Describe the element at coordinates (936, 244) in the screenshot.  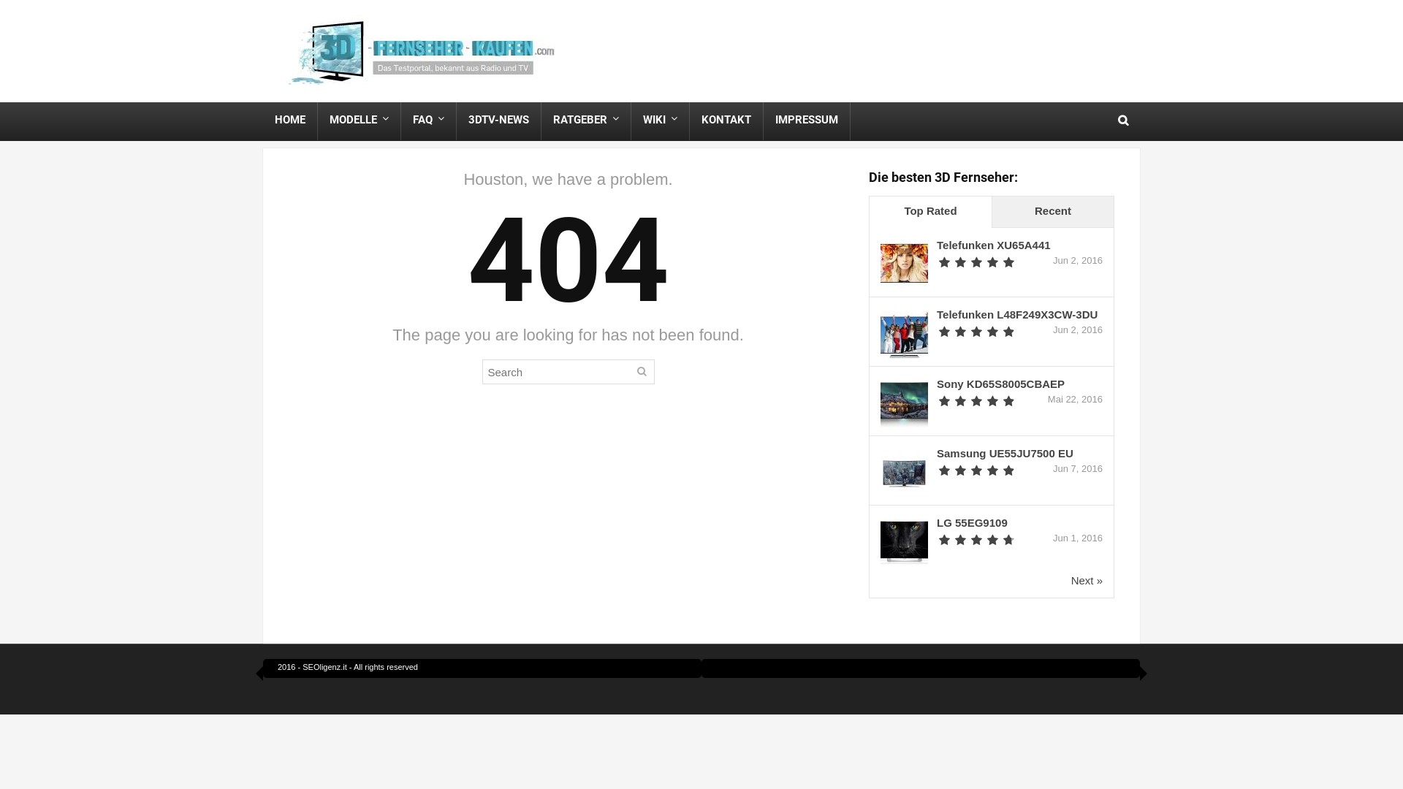
I see `'Telefunken XU65A441'` at that location.